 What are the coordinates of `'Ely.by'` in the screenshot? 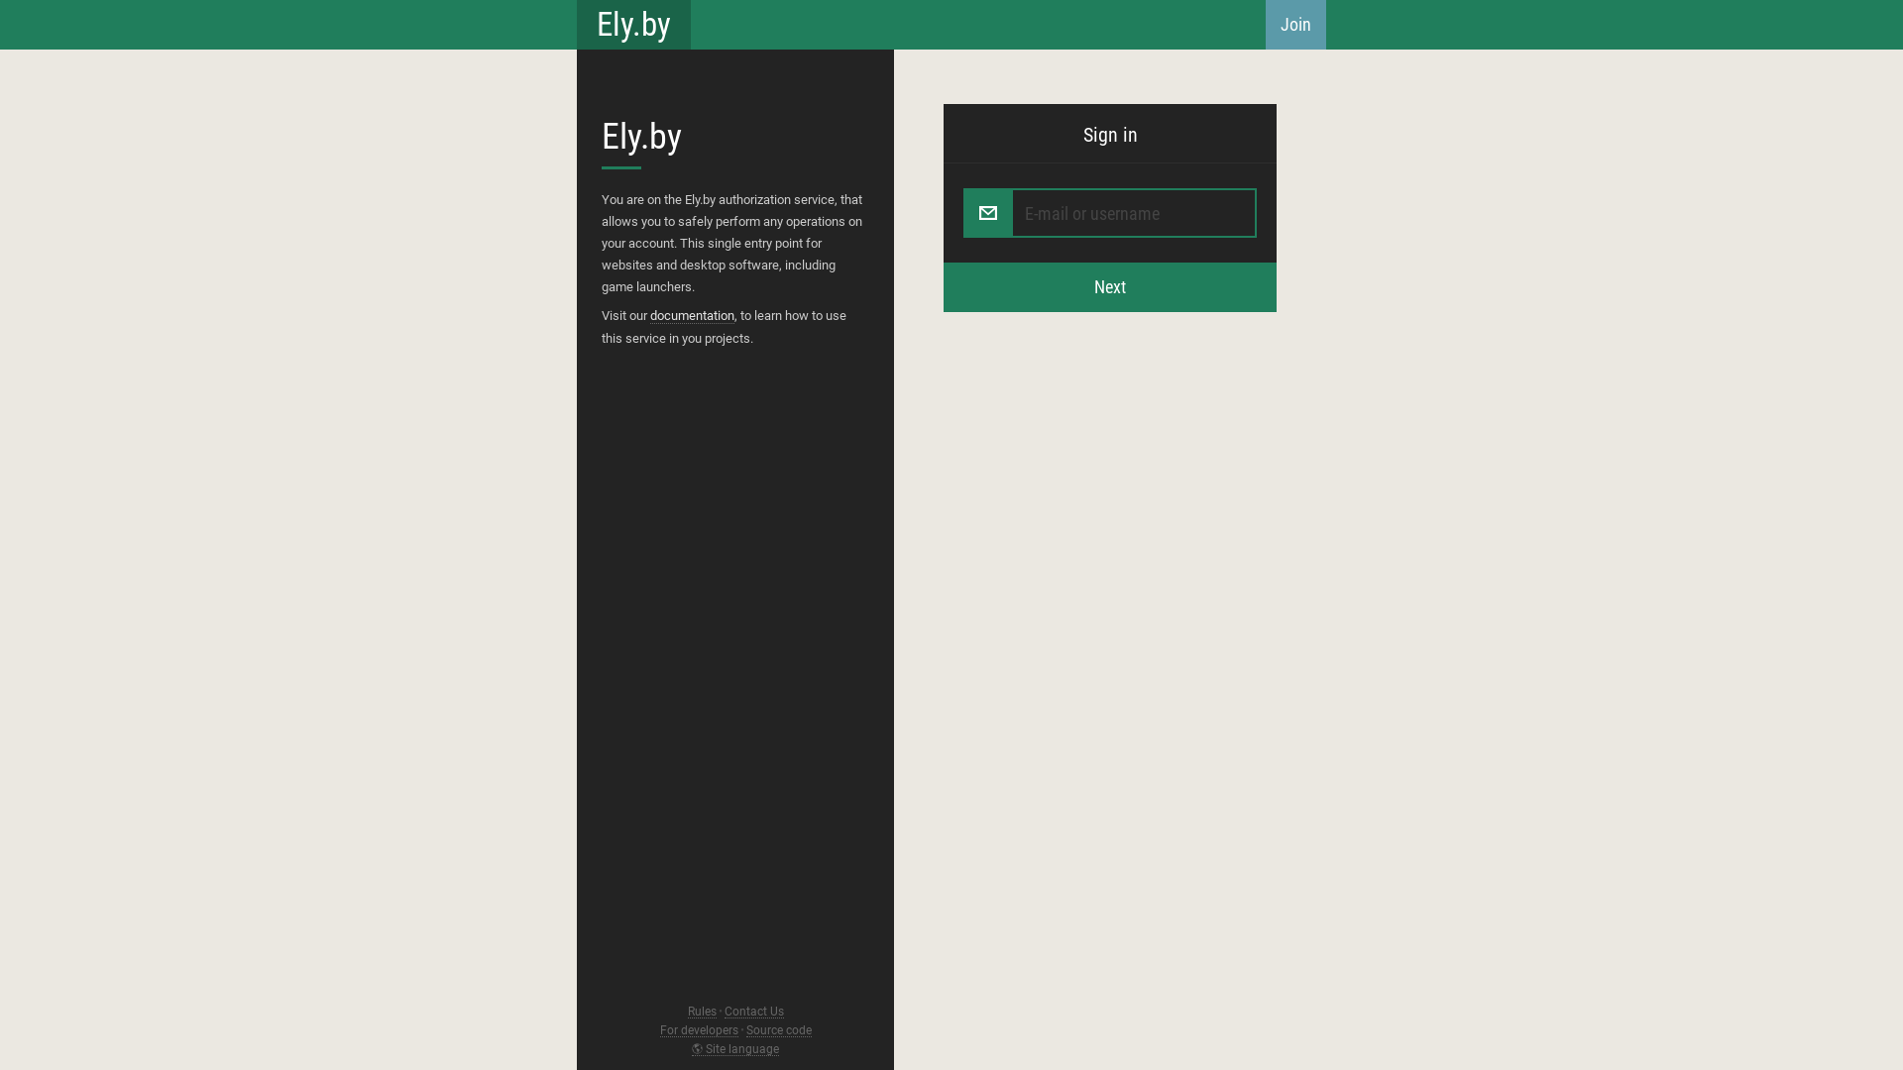 It's located at (632, 24).